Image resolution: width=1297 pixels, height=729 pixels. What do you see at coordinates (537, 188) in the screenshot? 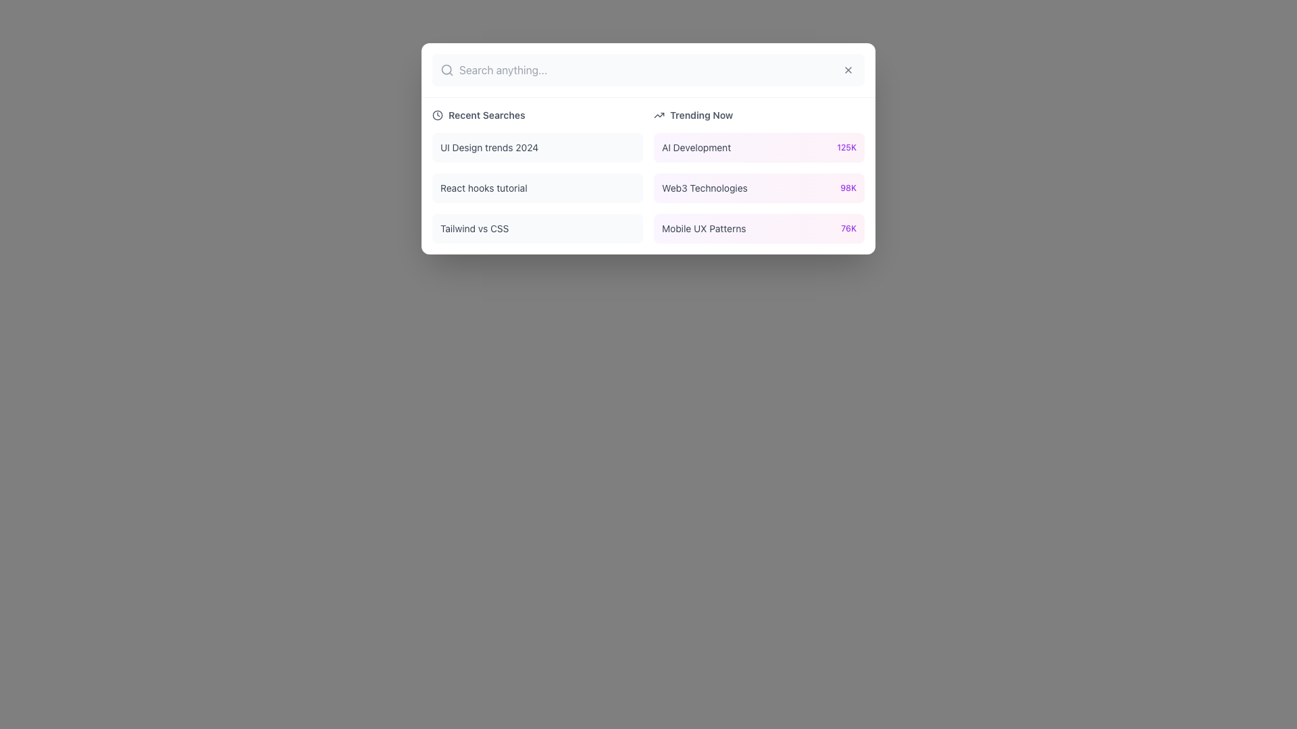
I see `the rectangular button labeled 'React hooks tutorial' with a light gray background, located` at bounding box center [537, 188].